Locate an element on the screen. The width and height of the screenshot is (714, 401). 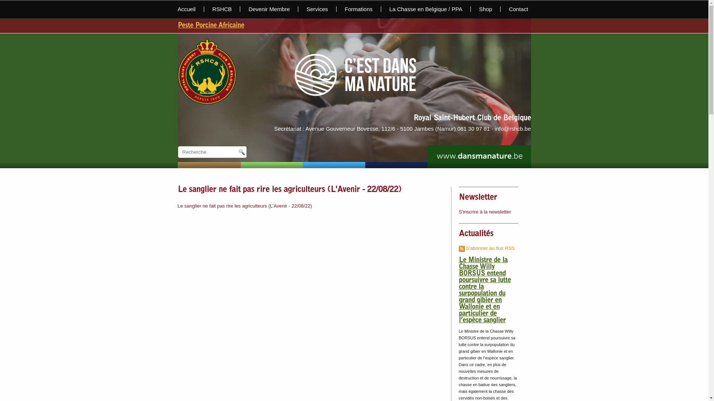
'Shop' is located at coordinates (485, 9).